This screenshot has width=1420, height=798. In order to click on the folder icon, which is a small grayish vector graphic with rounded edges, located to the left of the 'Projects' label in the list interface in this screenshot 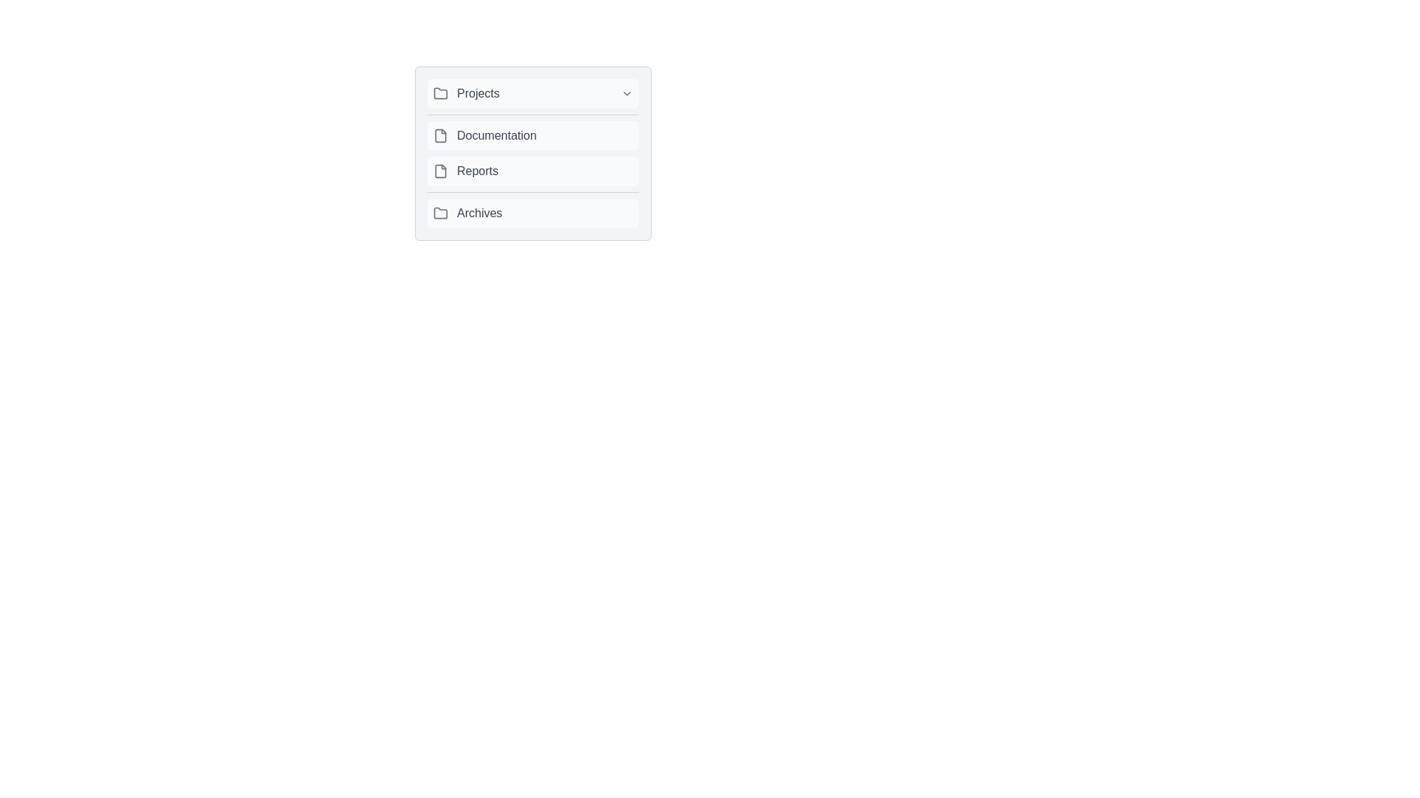, I will do `click(439, 93)`.